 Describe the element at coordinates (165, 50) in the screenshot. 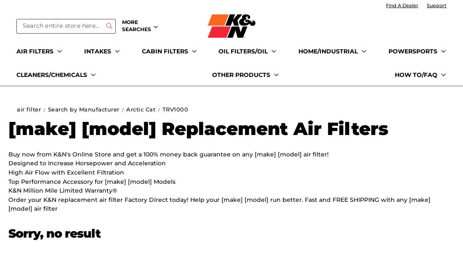

I see `'CABIN FILTERS'` at that location.